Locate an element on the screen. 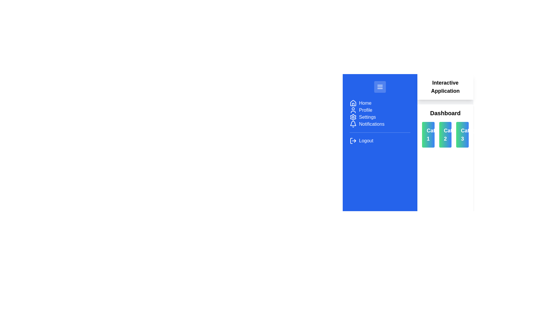  the second gradient button under the 'Dashboard' heading is located at coordinates (445, 135).